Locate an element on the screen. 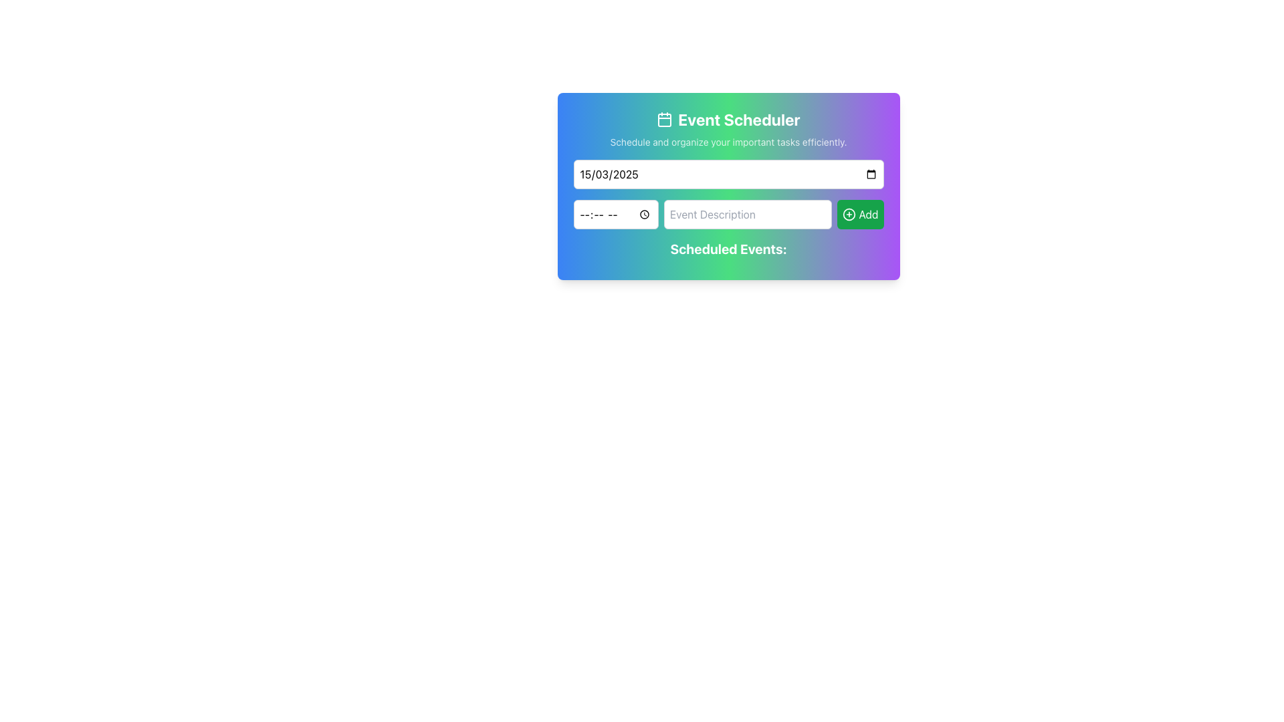  the 'Add' button located in the bottom right corner of the main interface area is located at coordinates (849, 213).